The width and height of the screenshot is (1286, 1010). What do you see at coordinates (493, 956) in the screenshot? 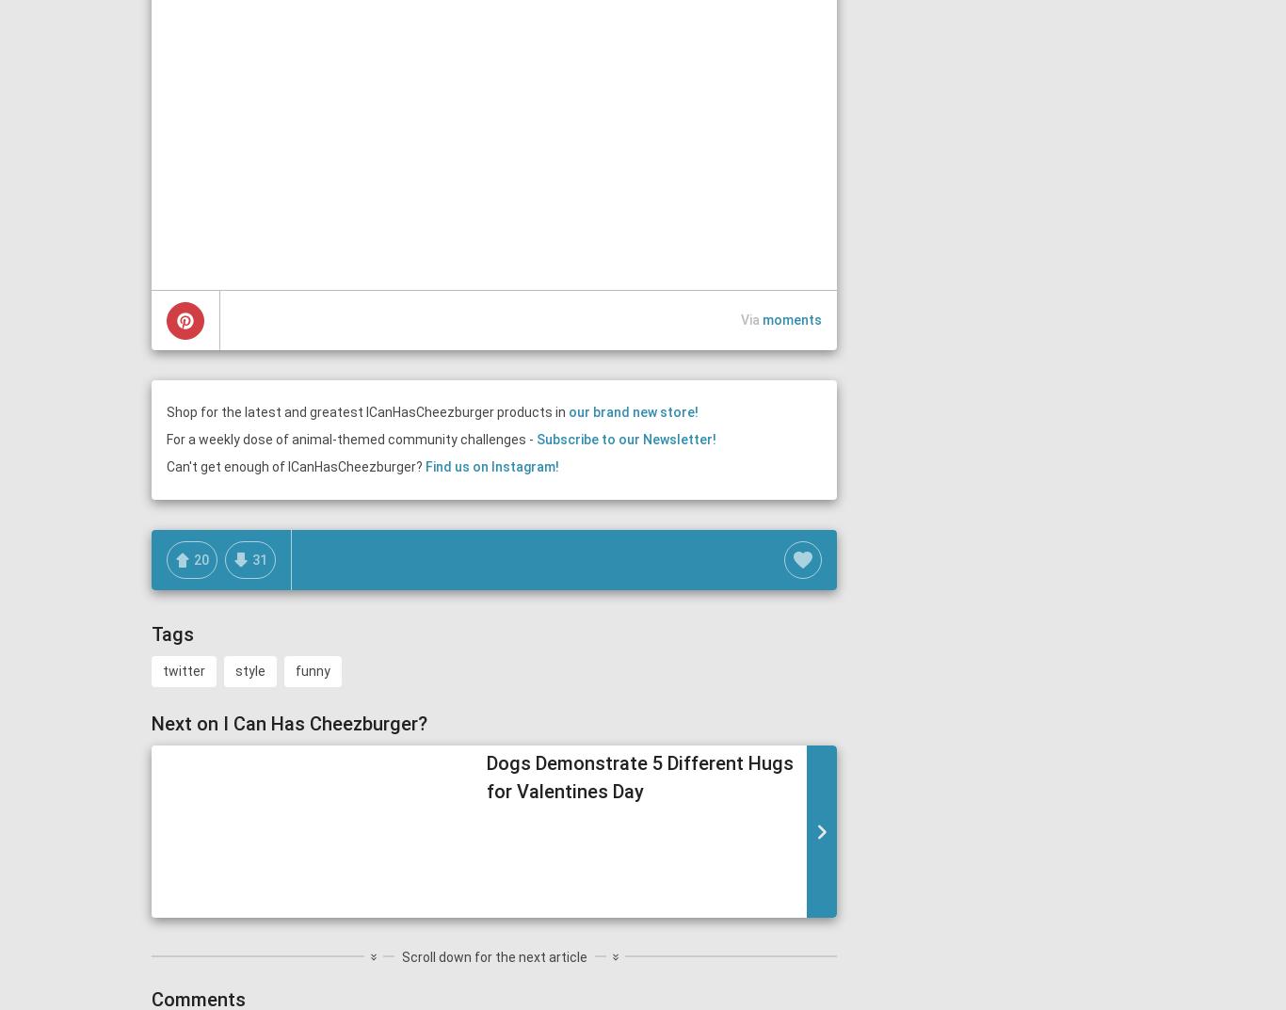
I see `'Scroll down for the next article'` at bounding box center [493, 956].